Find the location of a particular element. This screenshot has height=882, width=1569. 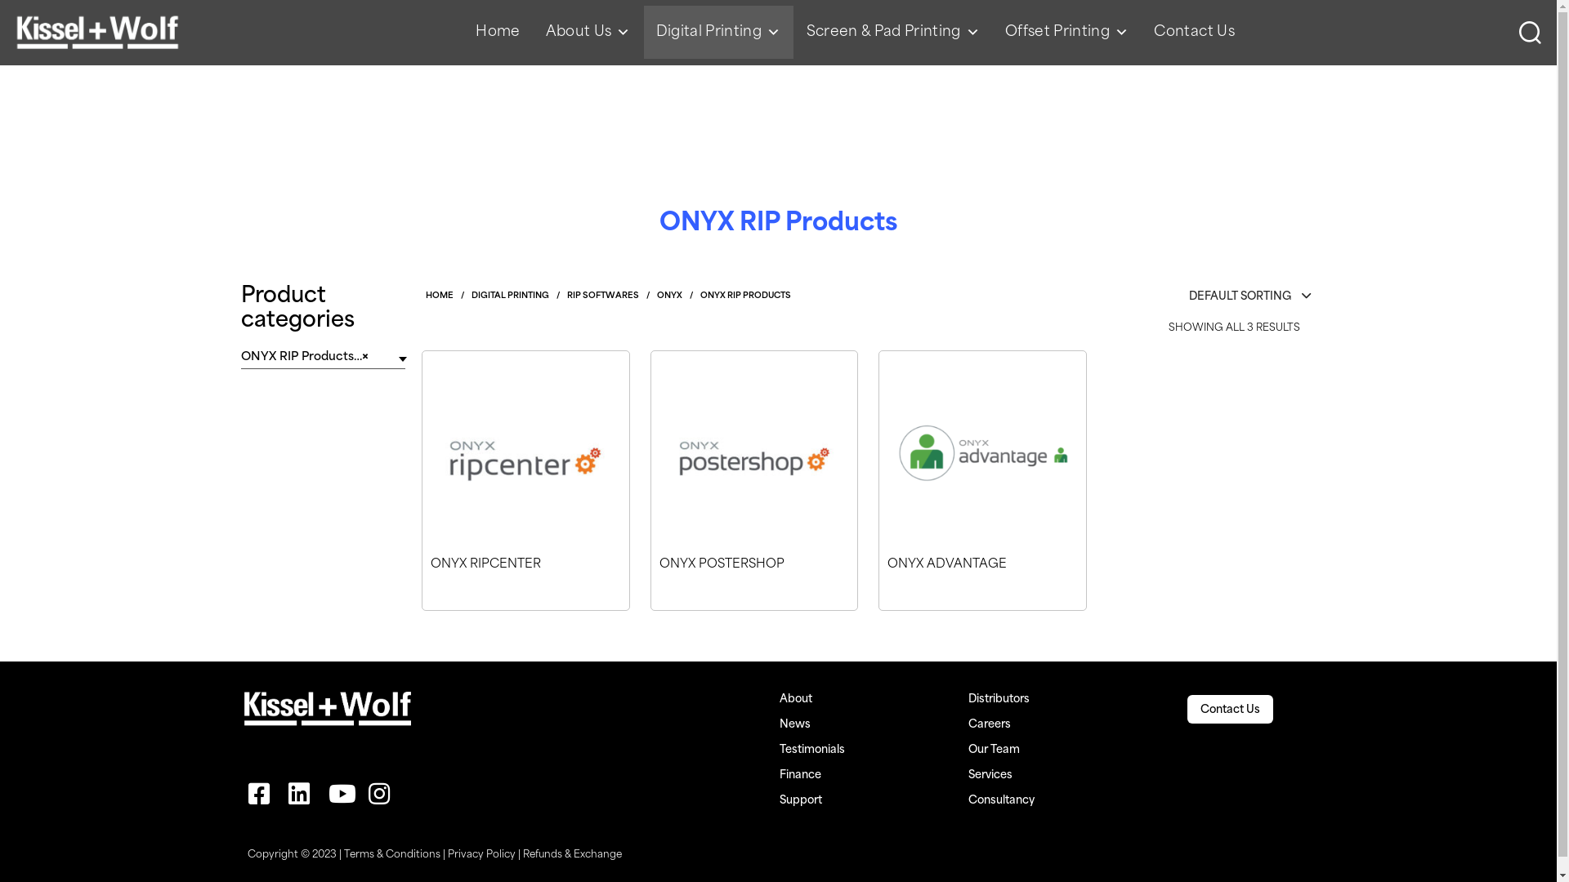

'Distributors' is located at coordinates (998, 698).